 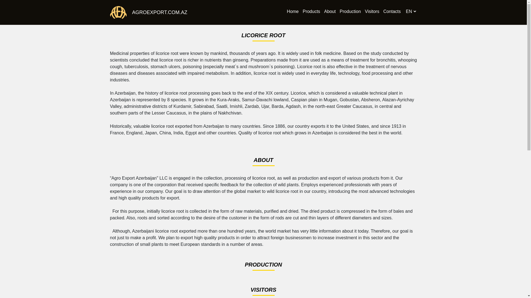 I want to click on 'Contacts', so click(x=392, y=12).